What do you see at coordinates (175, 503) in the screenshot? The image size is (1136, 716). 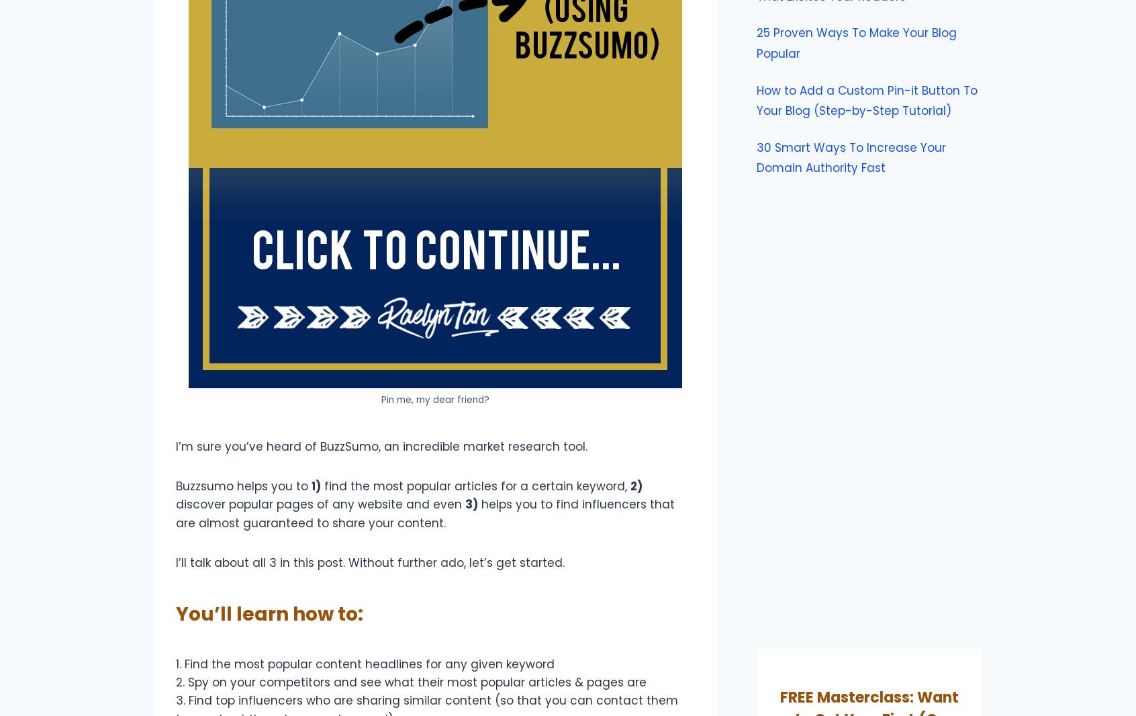 I see `'discover popular pages of any website and even'` at bounding box center [175, 503].